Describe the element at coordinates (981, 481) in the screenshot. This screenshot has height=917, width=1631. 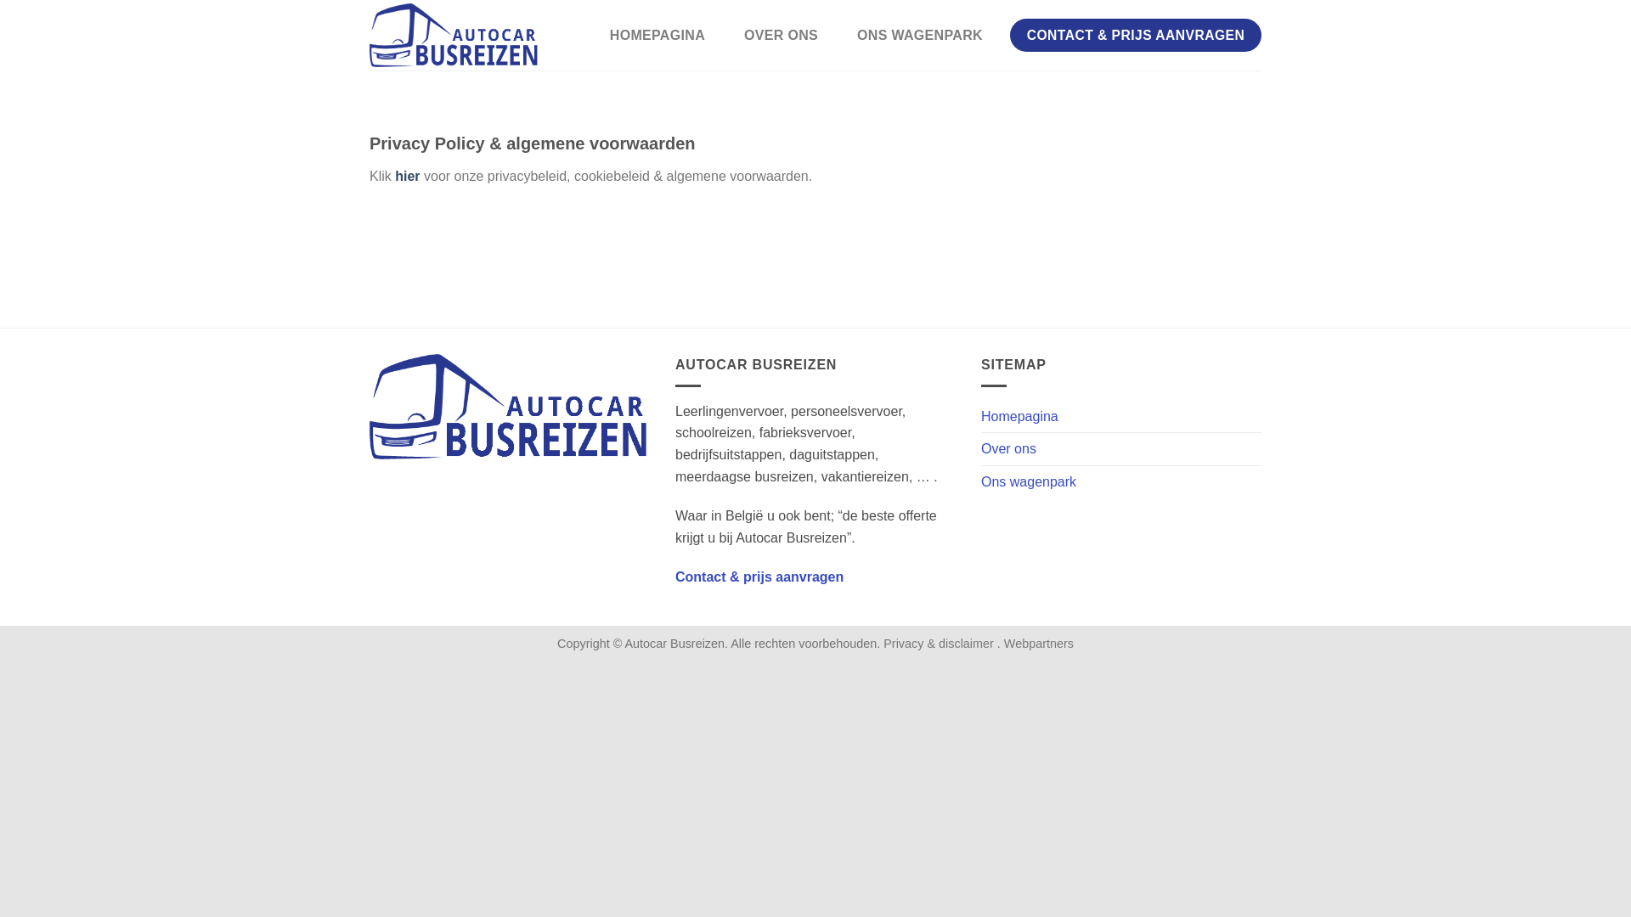
I see `'Ons wagenpark'` at that location.